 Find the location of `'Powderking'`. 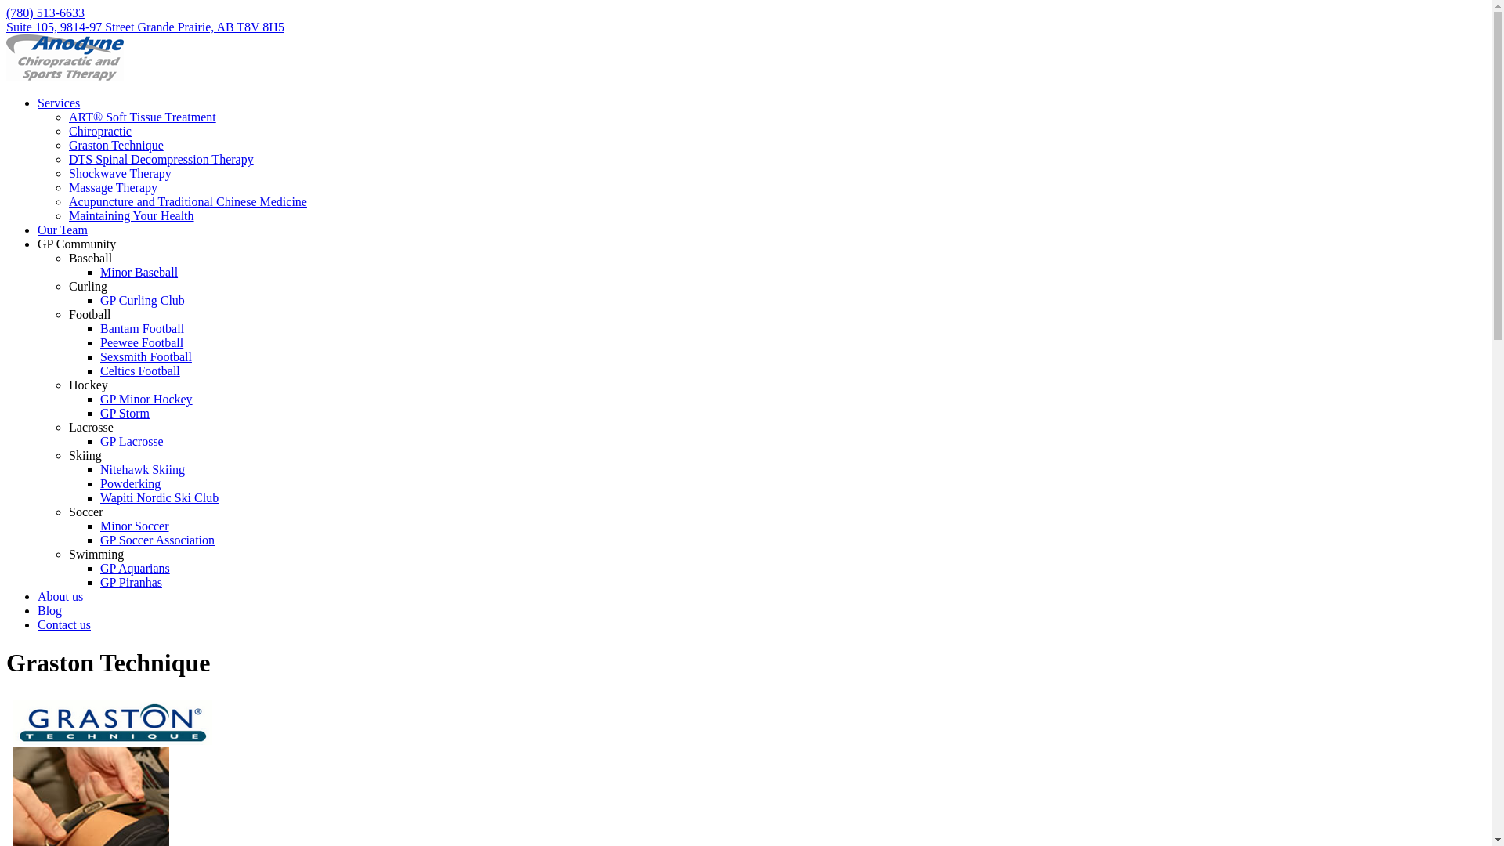

'Powderking' is located at coordinates (99, 483).